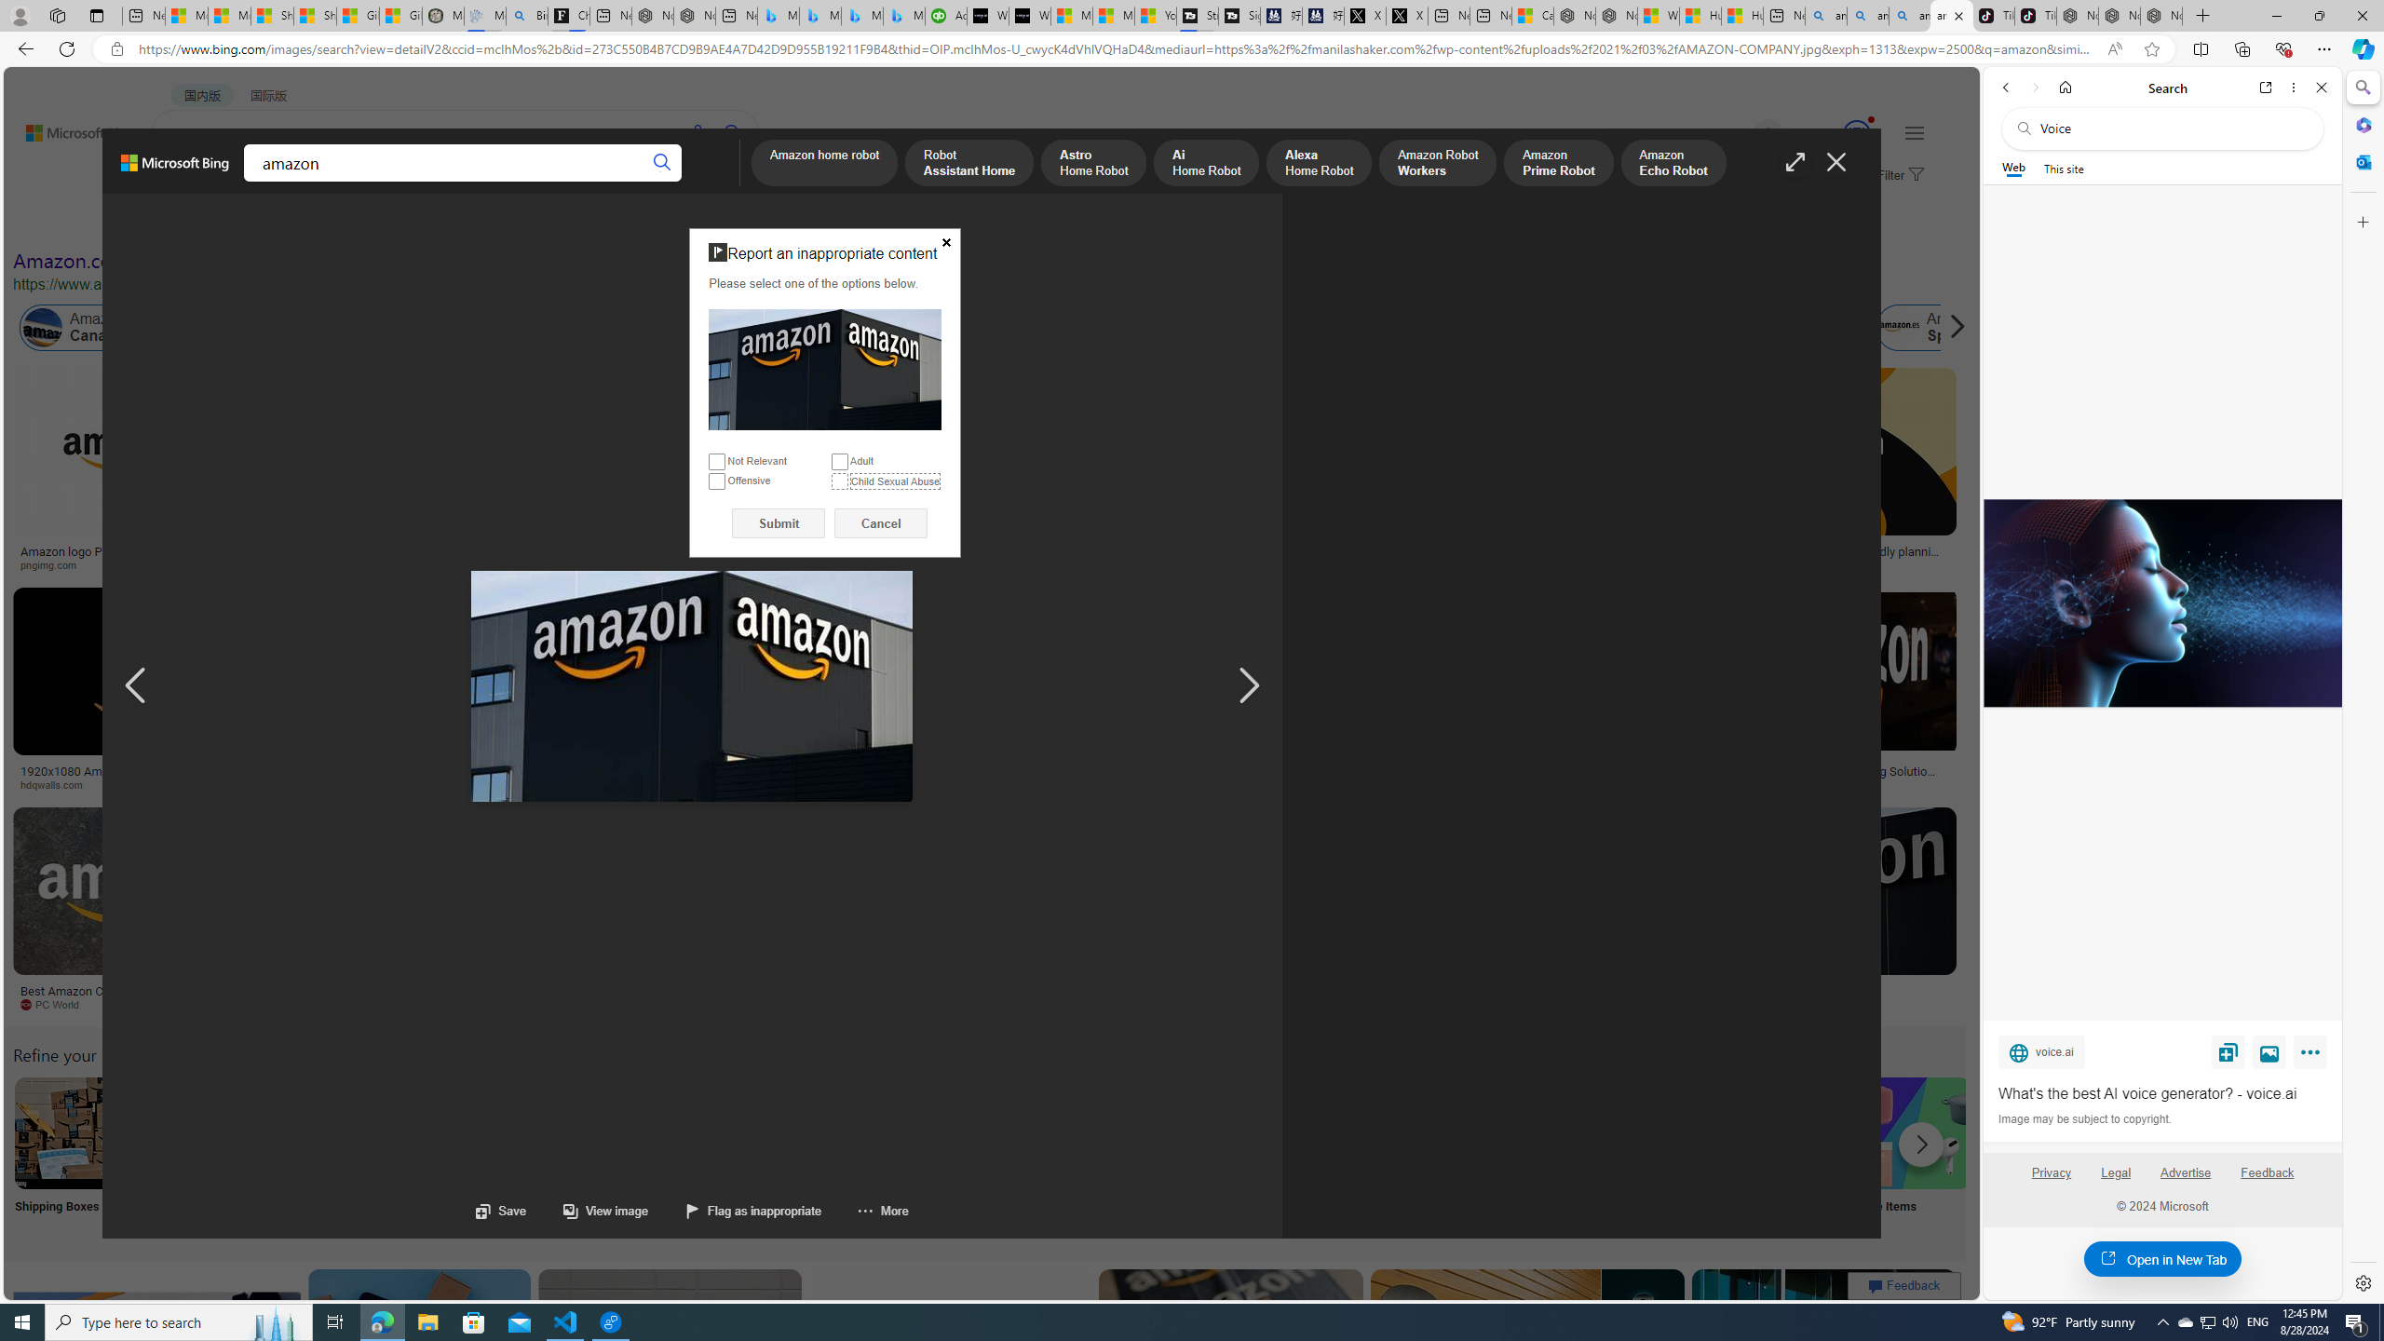 Image resolution: width=2384 pixels, height=1341 pixels. What do you see at coordinates (209, 221) in the screenshot?
I see `'Image size'` at bounding box center [209, 221].